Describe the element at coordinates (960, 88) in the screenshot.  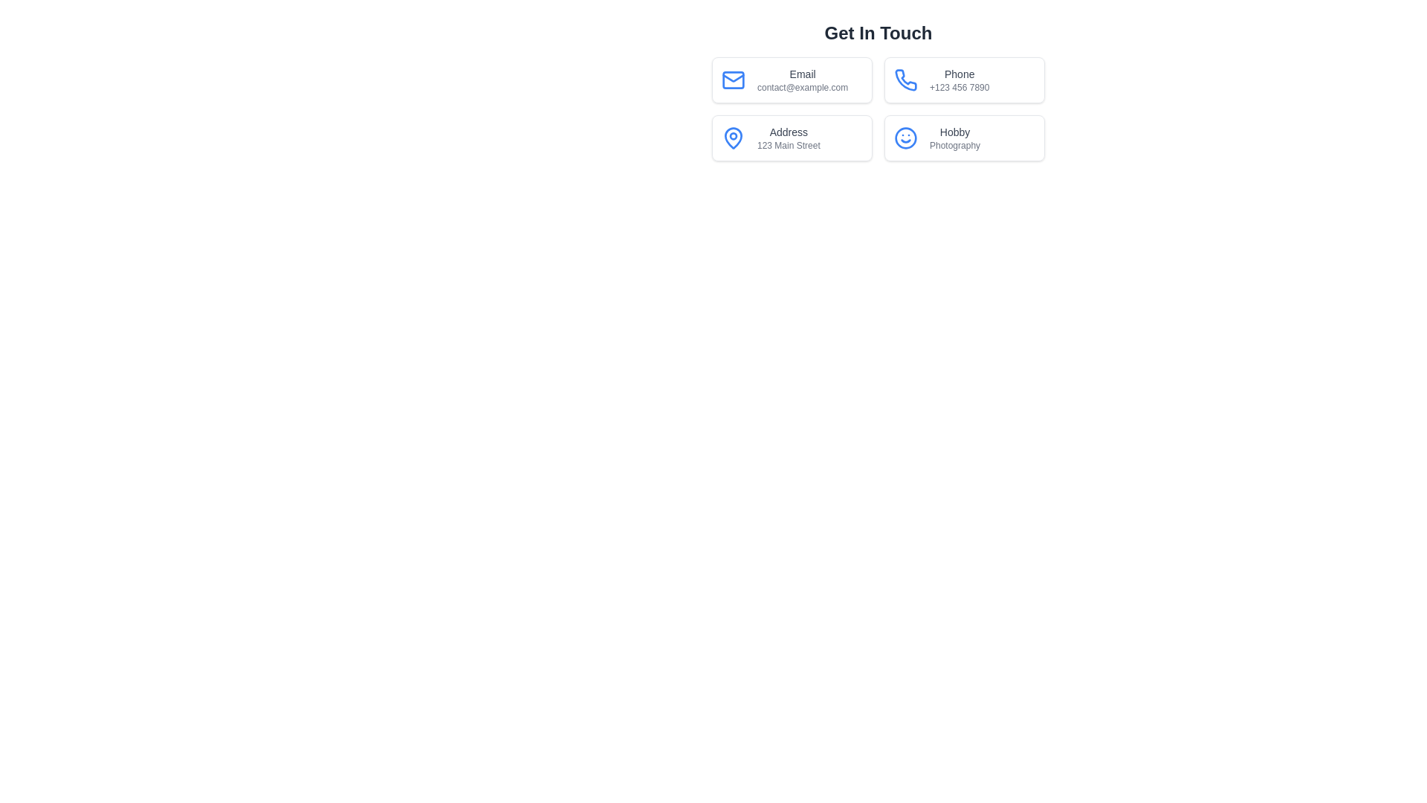
I see `phone number displayed in the text label showing '+123 456 7890', which is located under the 'Phone' label in the top-right section of a grid layout` at that location.